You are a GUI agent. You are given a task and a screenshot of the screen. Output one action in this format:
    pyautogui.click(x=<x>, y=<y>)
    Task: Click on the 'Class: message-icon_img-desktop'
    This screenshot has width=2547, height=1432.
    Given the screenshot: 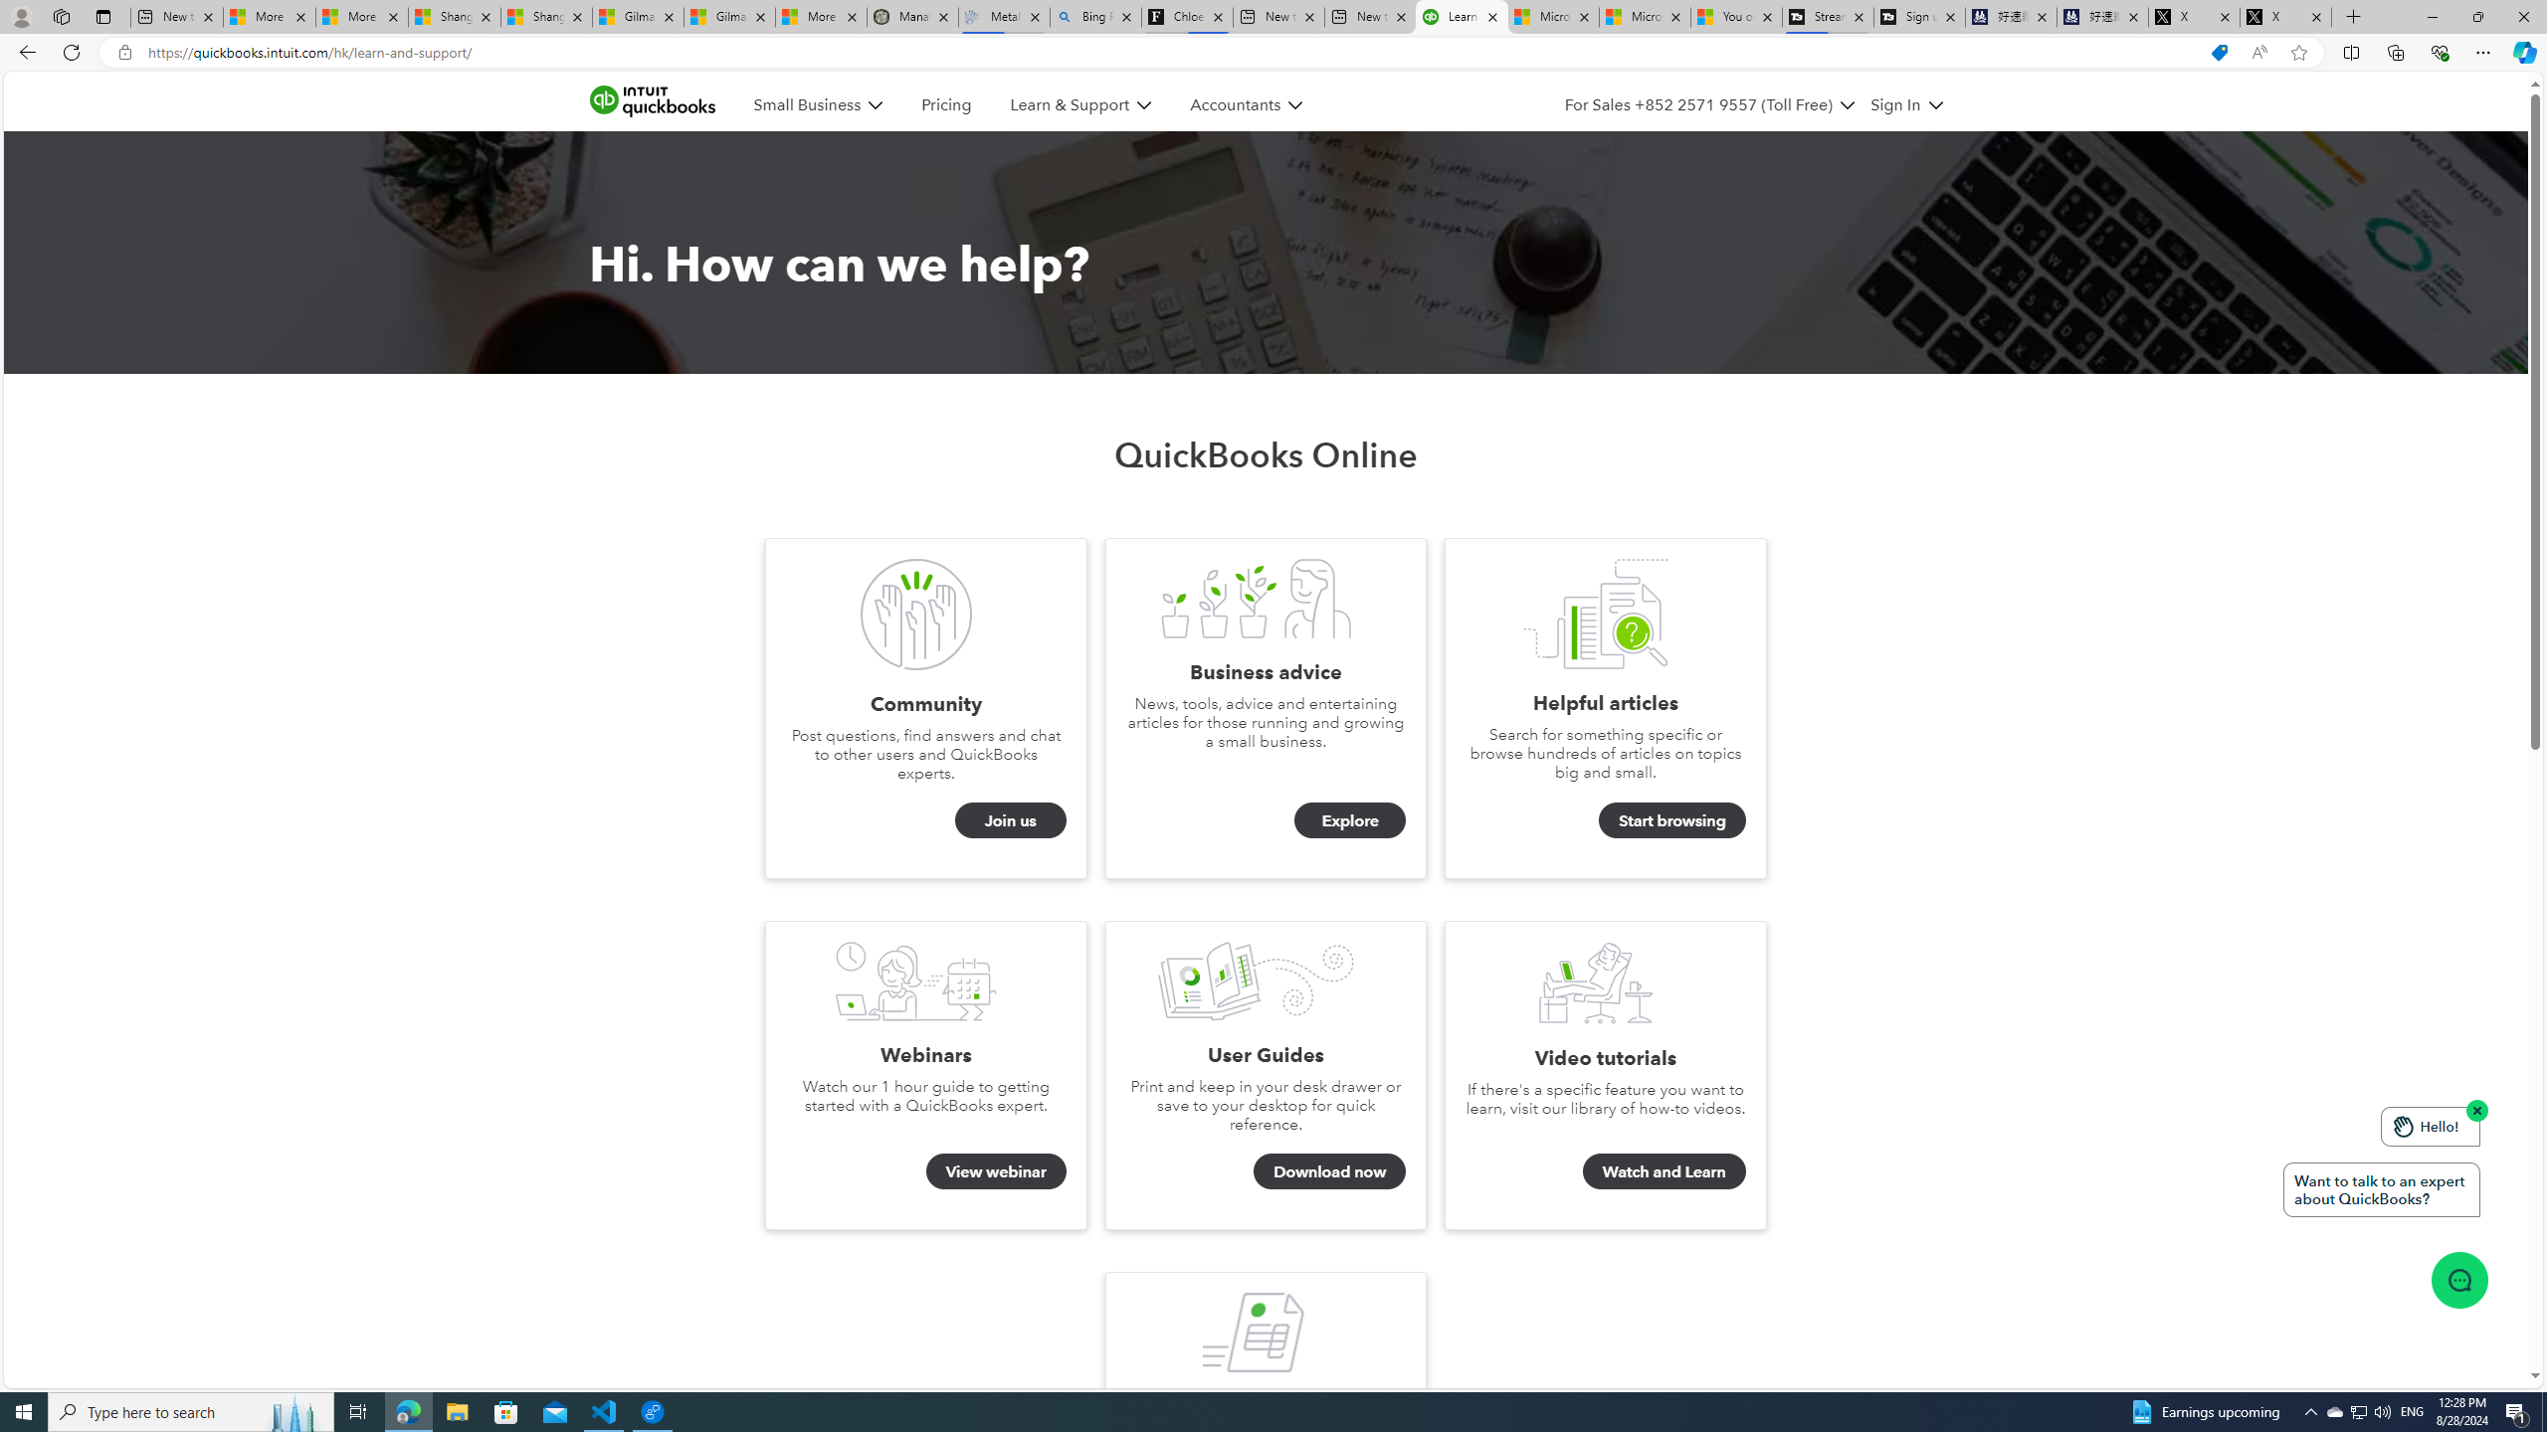 What is the action you would take?
    pyautogui.click(x=2457, y=1279)
    